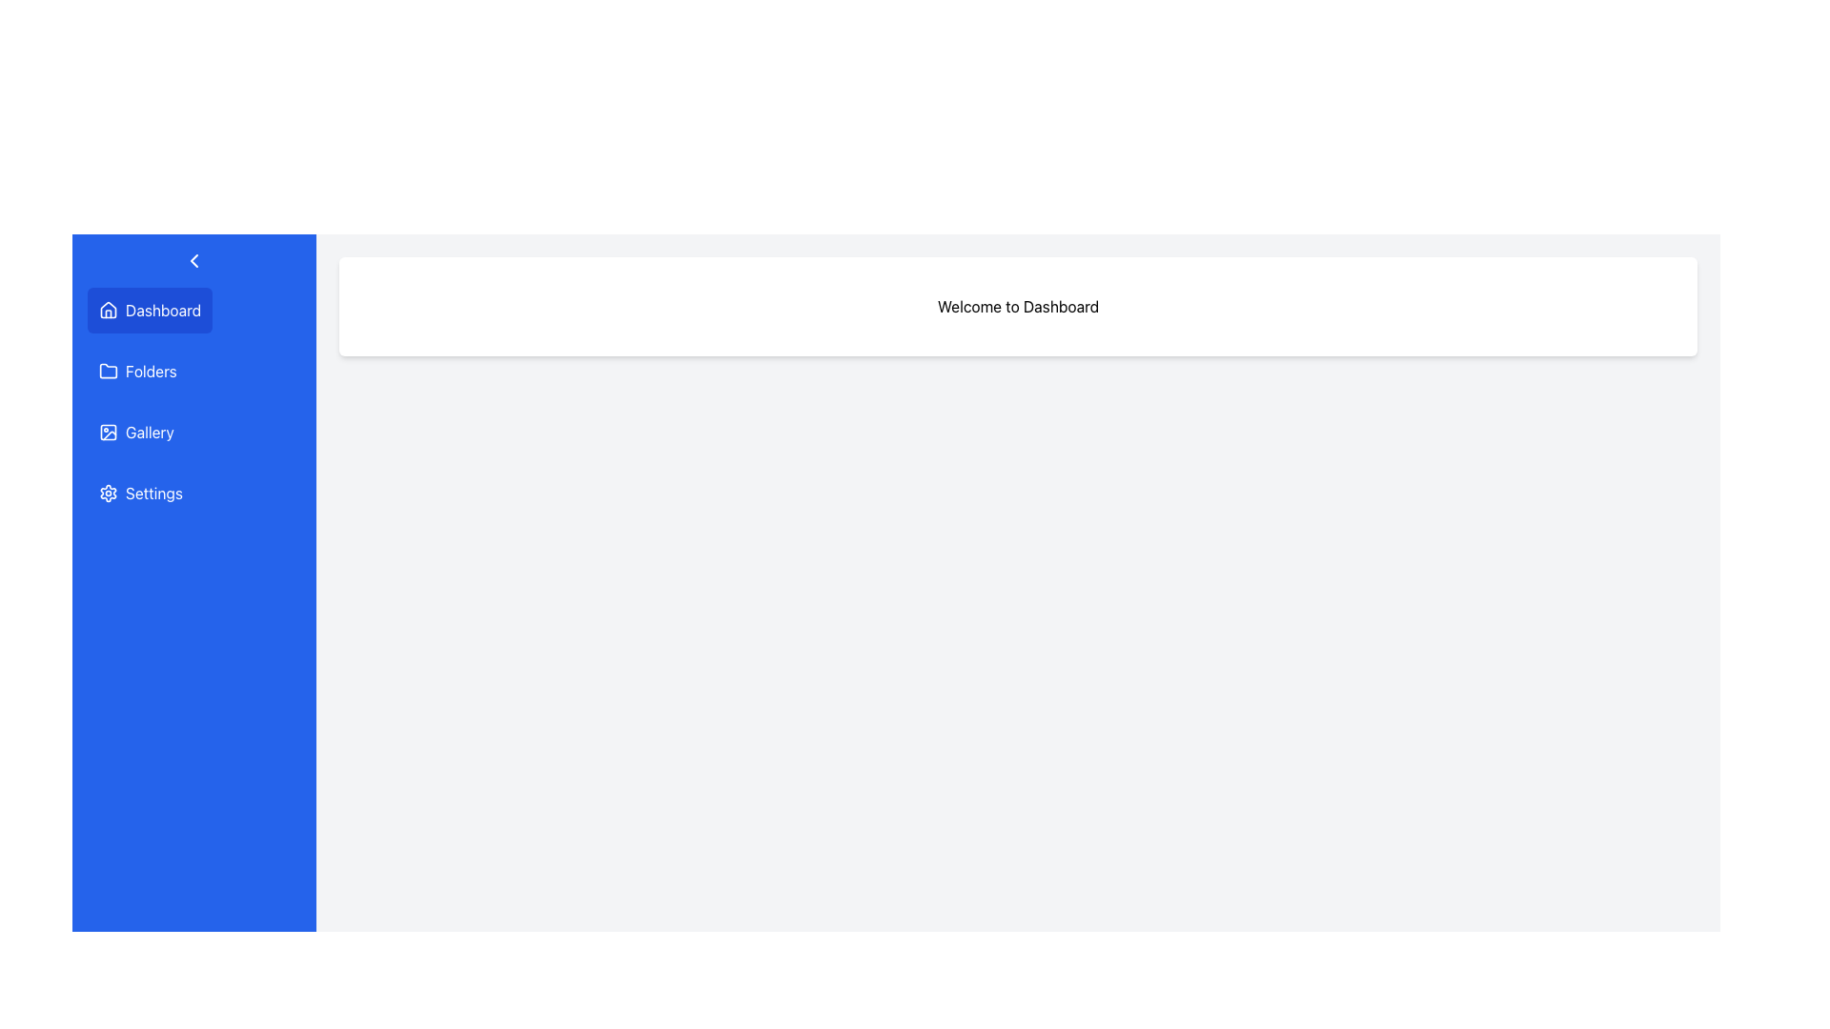 Image resolution: width=1830 pixels, height=1029 pixels. What do you see at coordinates (163, 310) in the screenshot?
I see `the 'Dashboard' text label in the sidebar menu, which is styled in white text against a blue background and positioned next to a house icon` at bounding box center [163, 310].